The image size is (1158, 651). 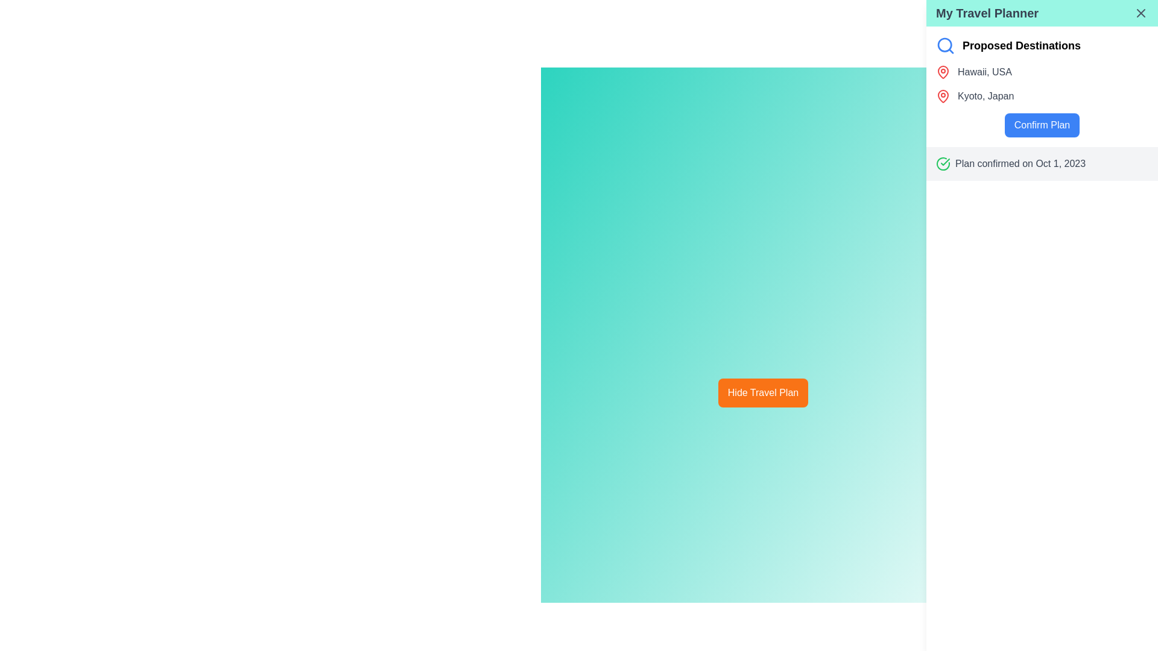 What do you see at coordinates (1020, 164) in the screenshot?
I see `text label displaying 'Plan confirmed on Oct 1, 2023,' which is positioned in the right-side panel of the 'My Travel Planner' section, beneath the 'Confirm Plan' button and to the right of a green checkmark icon` at bounding box center [1020, 164].